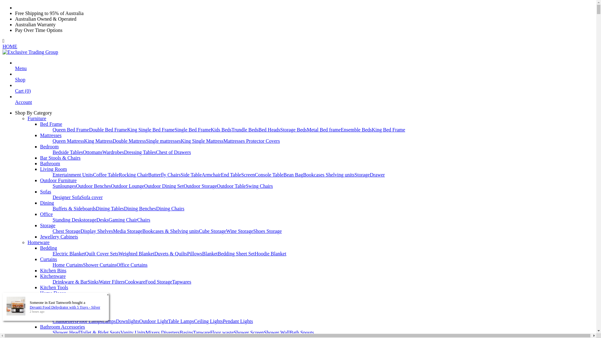  What do you see at coordinates (40, 287) in the screenshot?
I see `'Kitchen Tools'` at bounding box center [40, 287].